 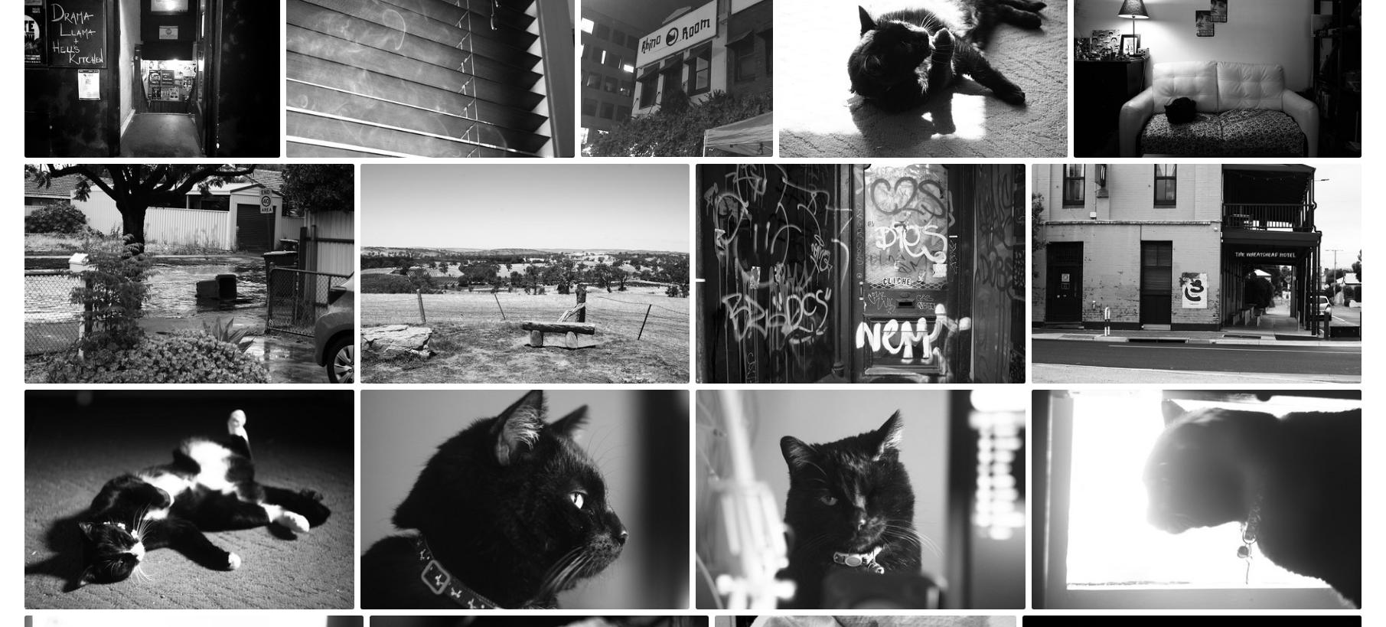 I want to click on '#1,634', so click(x=1051, y=413).